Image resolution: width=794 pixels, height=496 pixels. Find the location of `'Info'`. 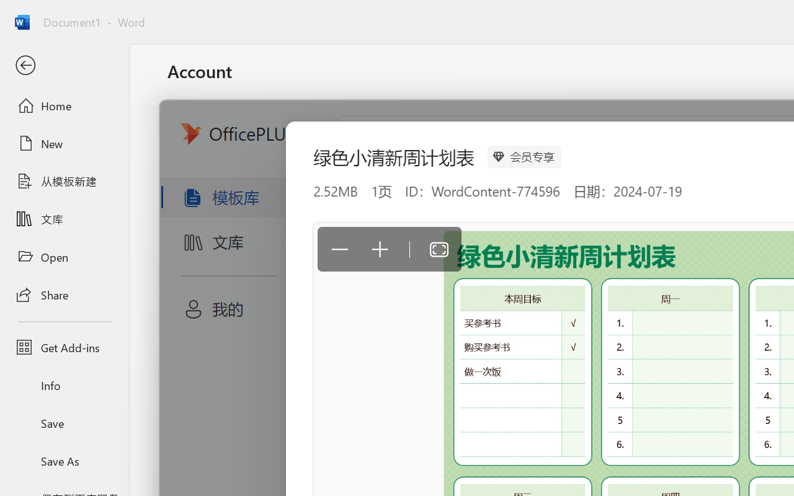

'Info' is located at coordinates (64, 385).